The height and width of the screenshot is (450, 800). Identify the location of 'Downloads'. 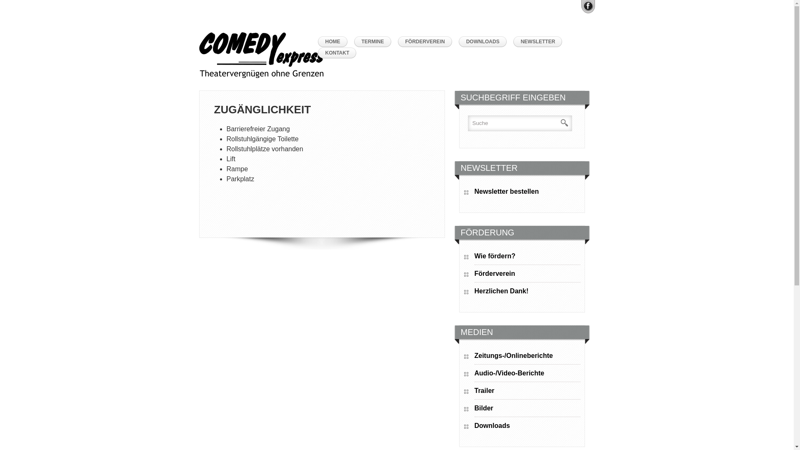
(474, 427).